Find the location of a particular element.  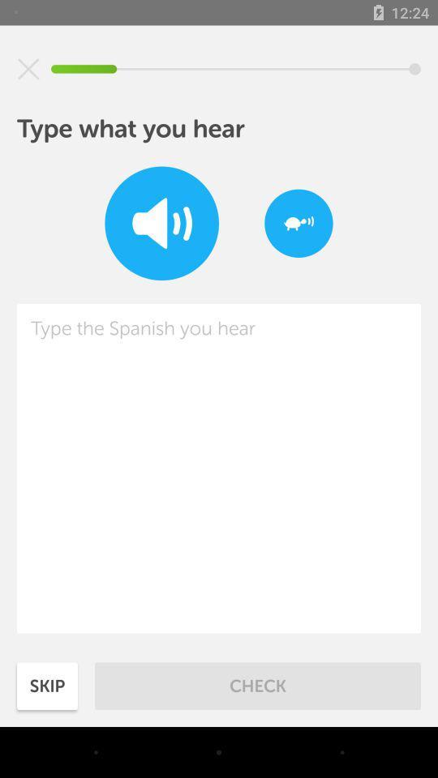

the check icon is located at coordinates (258, 685).